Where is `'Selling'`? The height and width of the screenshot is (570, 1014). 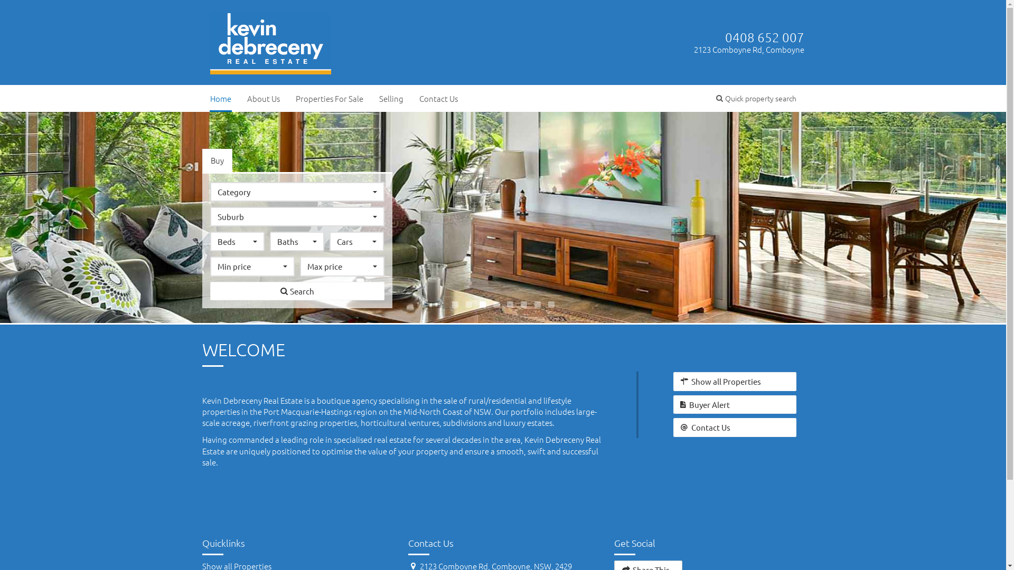 'Selling' is located at coordinates (390, 98).